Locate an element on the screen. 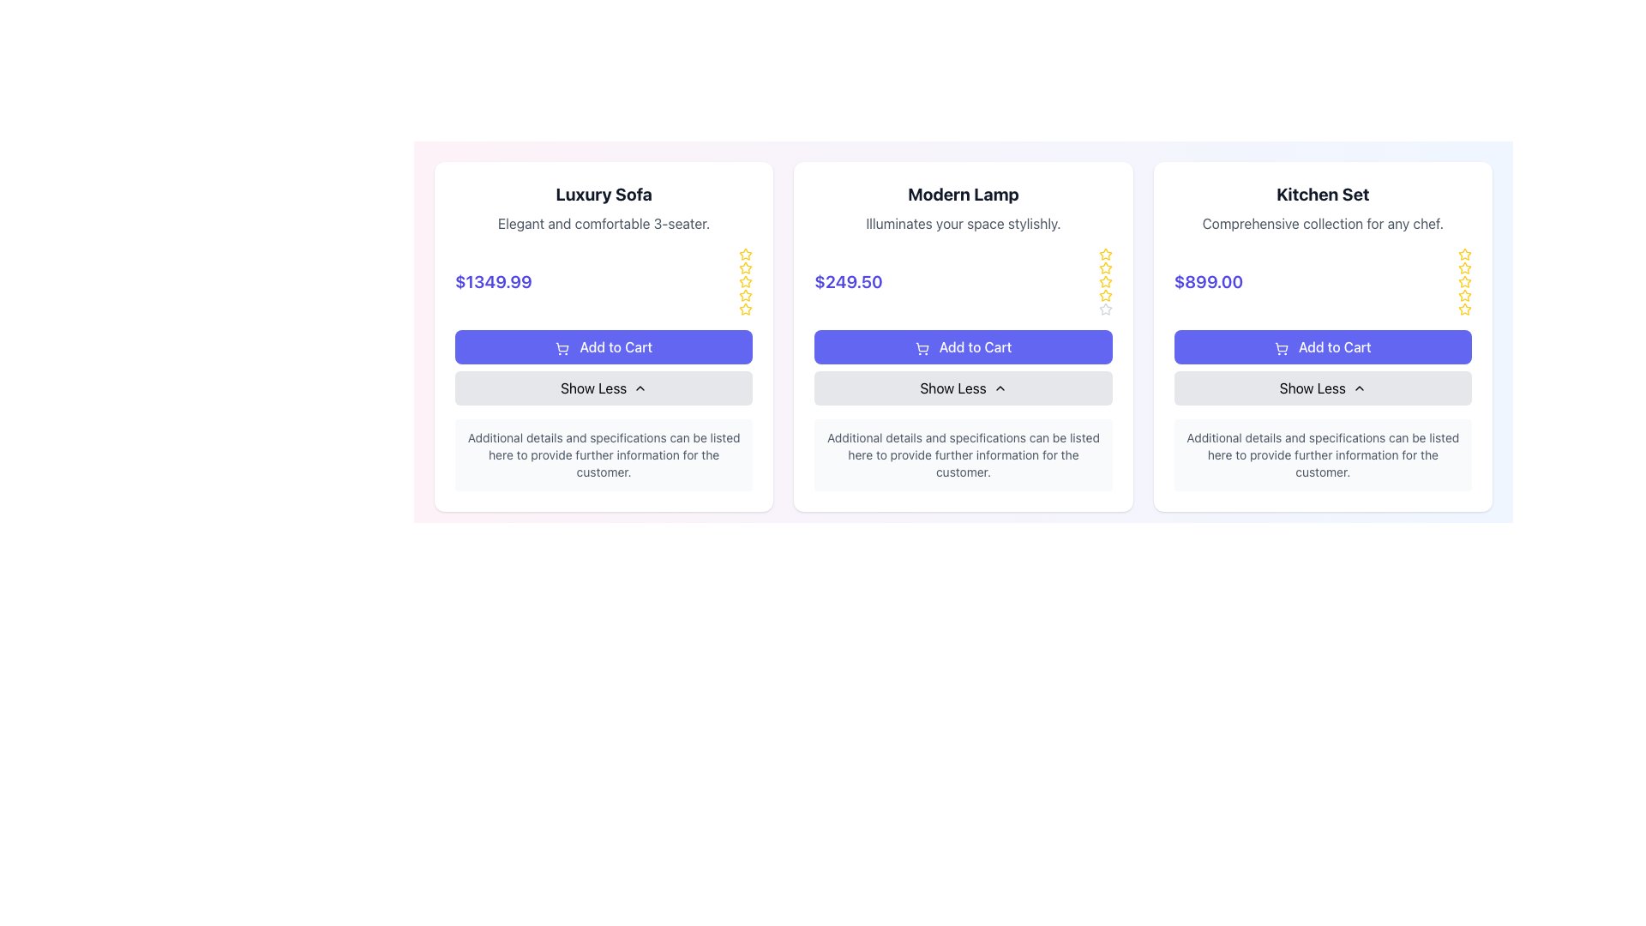 The height and width of the screenshot is (926, 1646). the second star icon in the rating system for the 'Luxury Sofa' product is located at coordinates (746, 268).